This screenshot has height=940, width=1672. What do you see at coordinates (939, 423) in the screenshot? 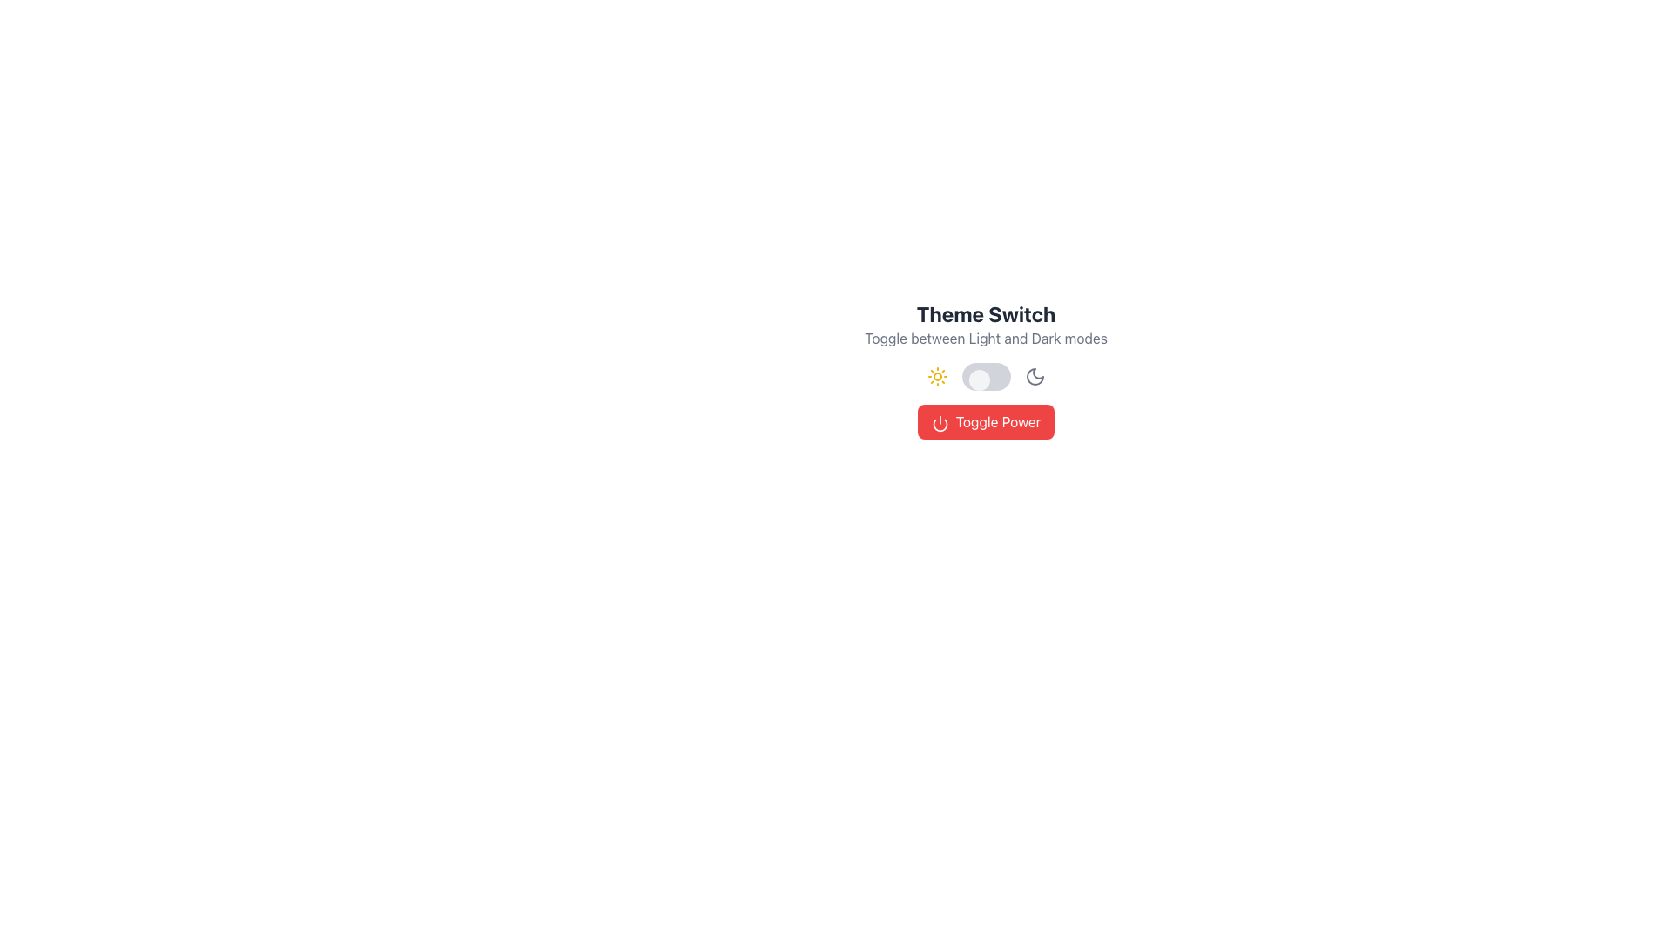
I see `the power icon located to the left side of the 'Toggle Power' button, which is situated near the bottom center of the interface underneath the 'Theme Switch' text` at bounding box center [939, 423].